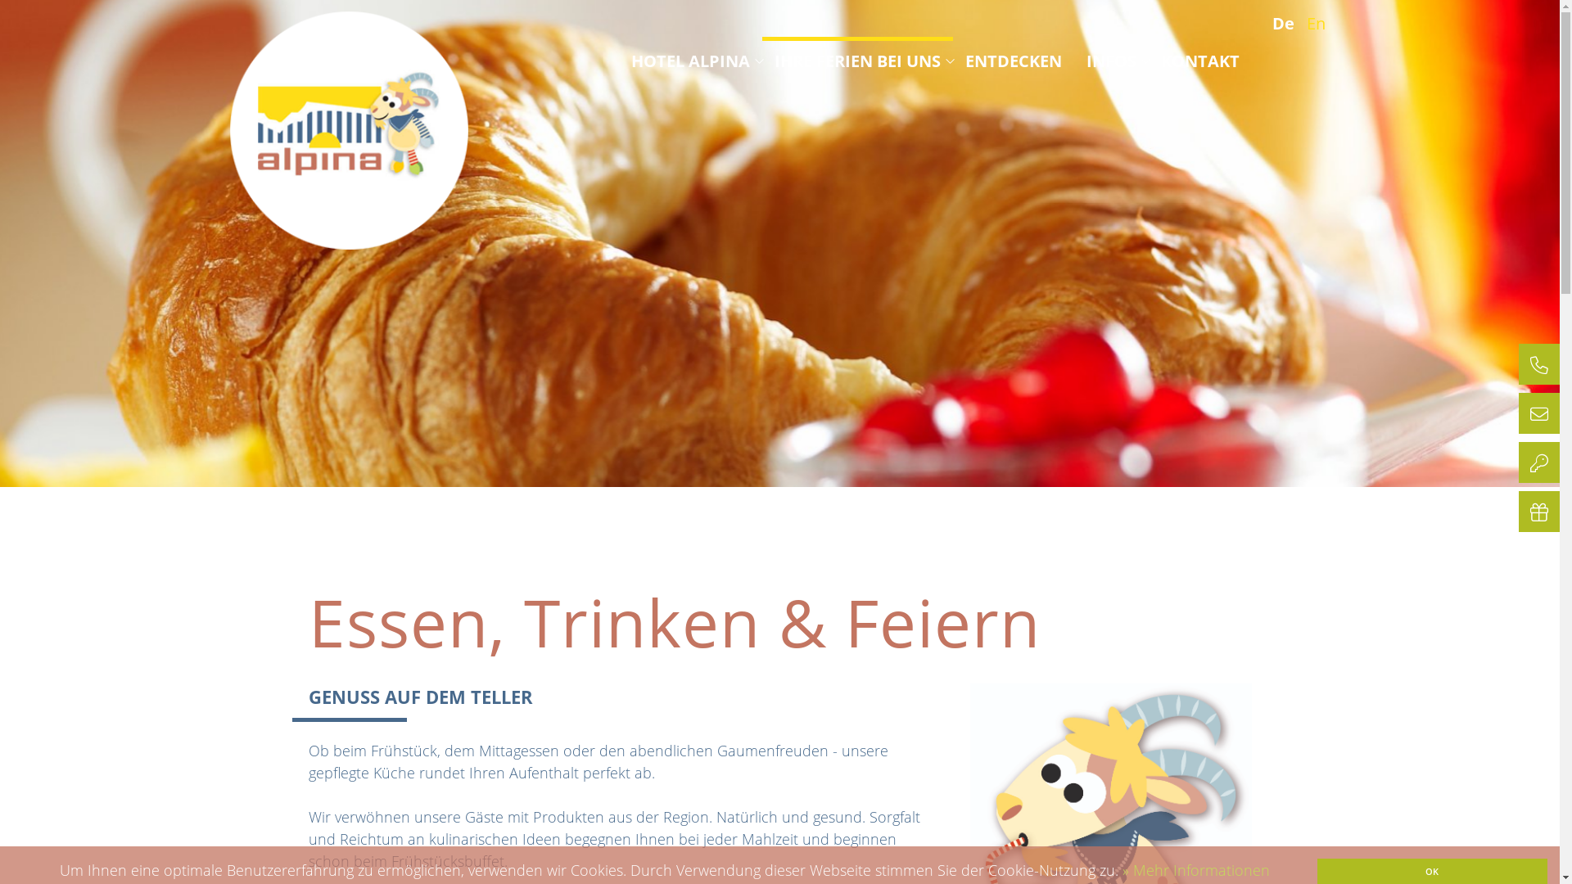  Describe the element at coordinates (689, 60) in the screenshot. I see `'HOTEL ALPINA'` at that location.